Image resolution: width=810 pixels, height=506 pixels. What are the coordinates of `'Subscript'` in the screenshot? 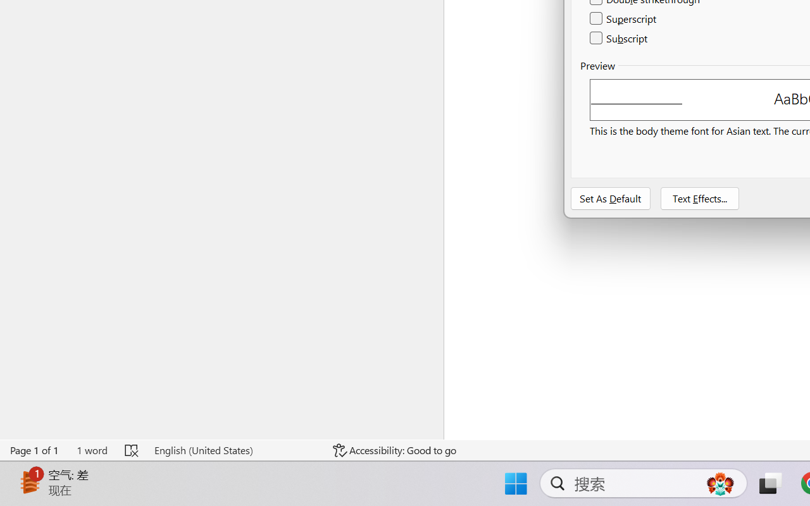 It's located at (620, 37).